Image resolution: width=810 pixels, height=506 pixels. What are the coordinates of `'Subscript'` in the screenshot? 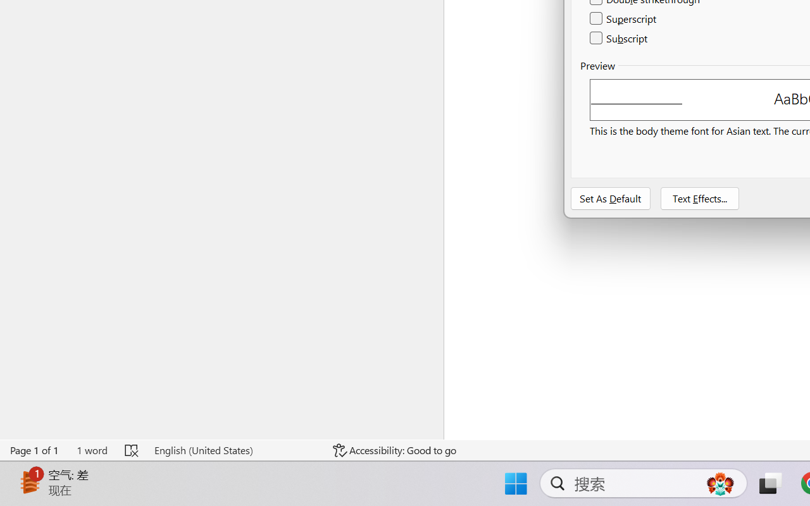 It's located at (620, 37).